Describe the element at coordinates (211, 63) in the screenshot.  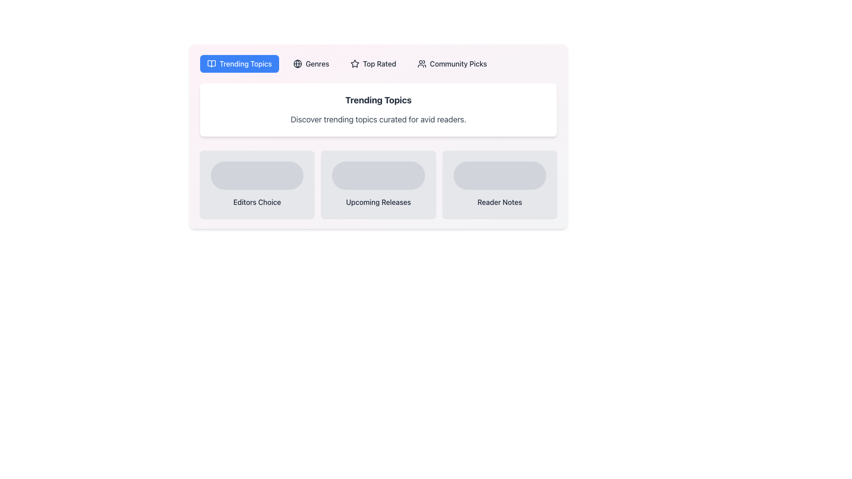
I see `the open book icon located in the 'Trending Topics' tab of the navigation bar, which is styled in a minimal, line-based design against a blue background` at that location.